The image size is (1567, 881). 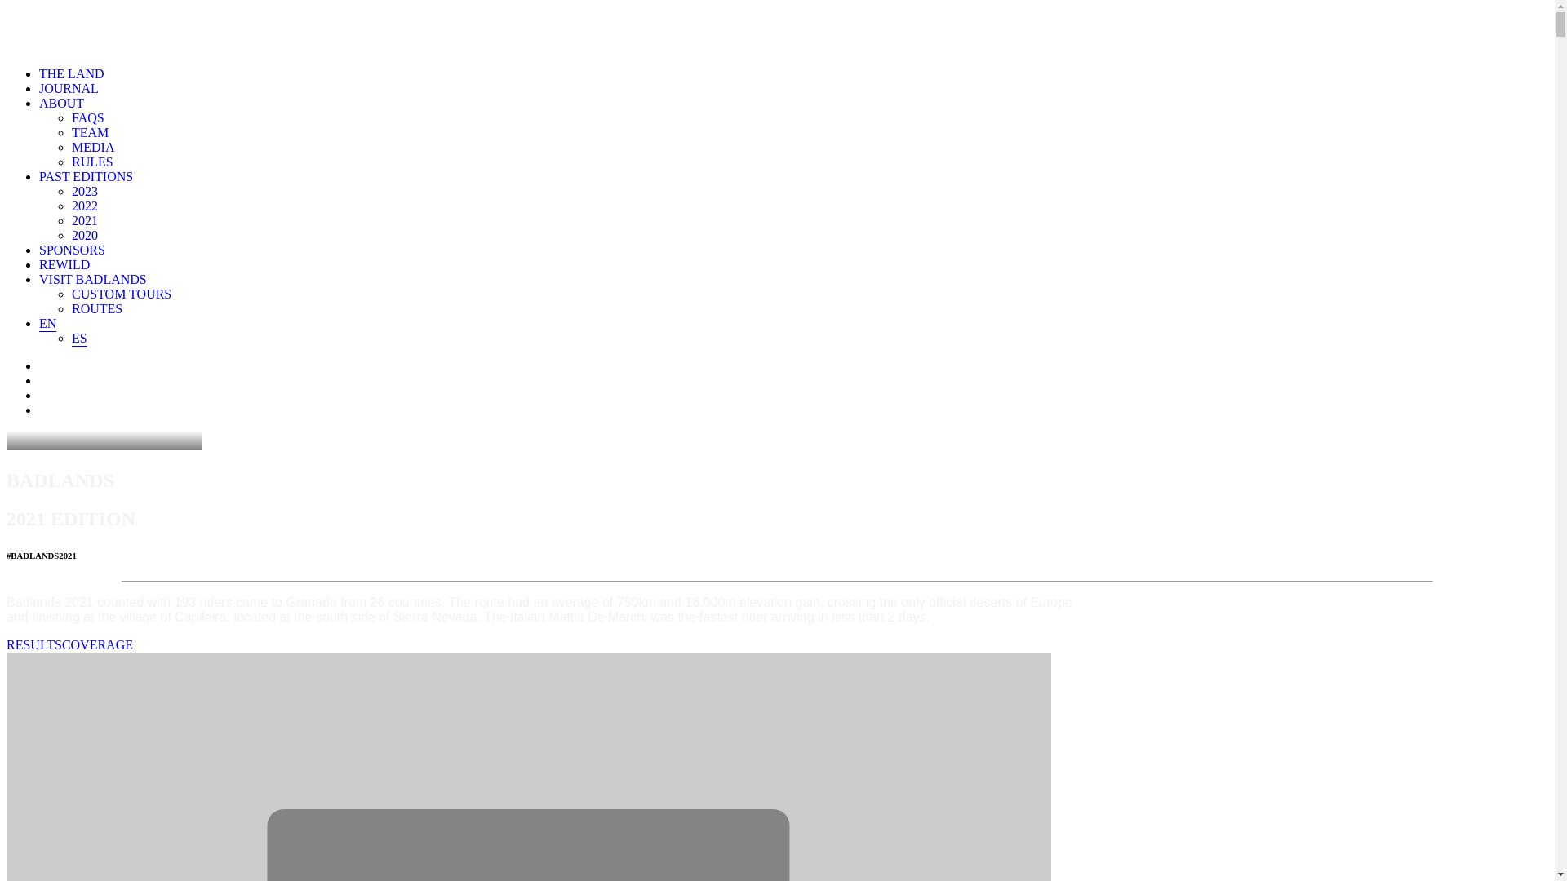 I want to click on 'COVERAGE', so click(x=96, y=644).